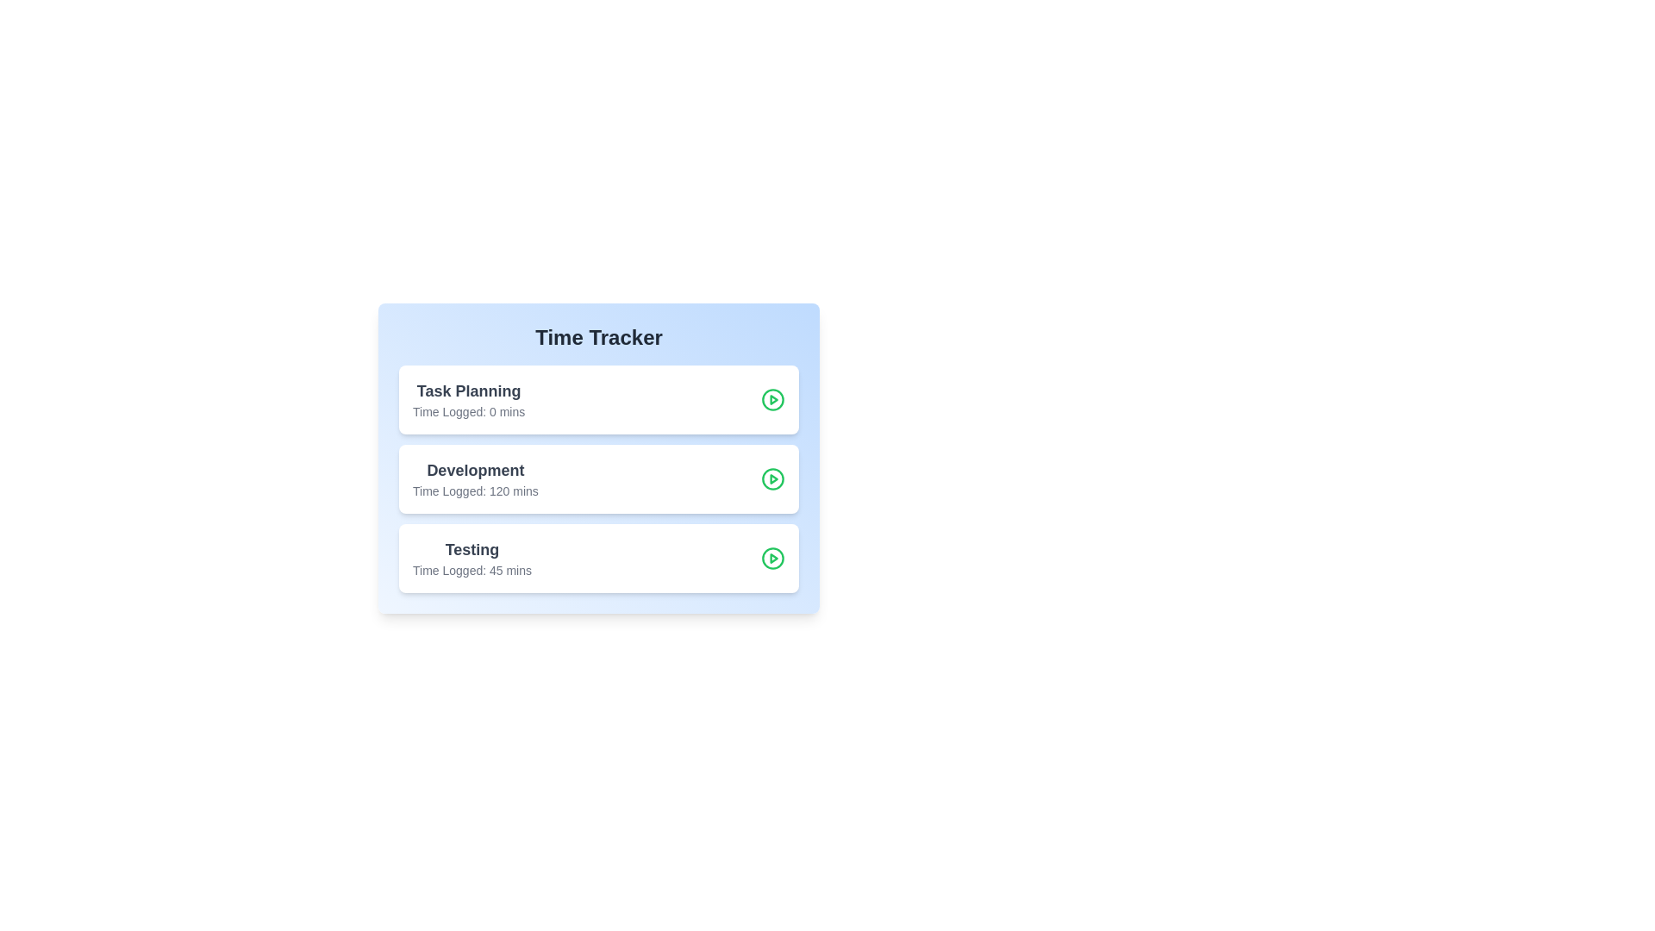 This screenshot has height=931, width=1655. Describe the element at coordinates (599, 338) in the screenshot. I see `the center of the header to simulate focusing or copying its text` at that location.